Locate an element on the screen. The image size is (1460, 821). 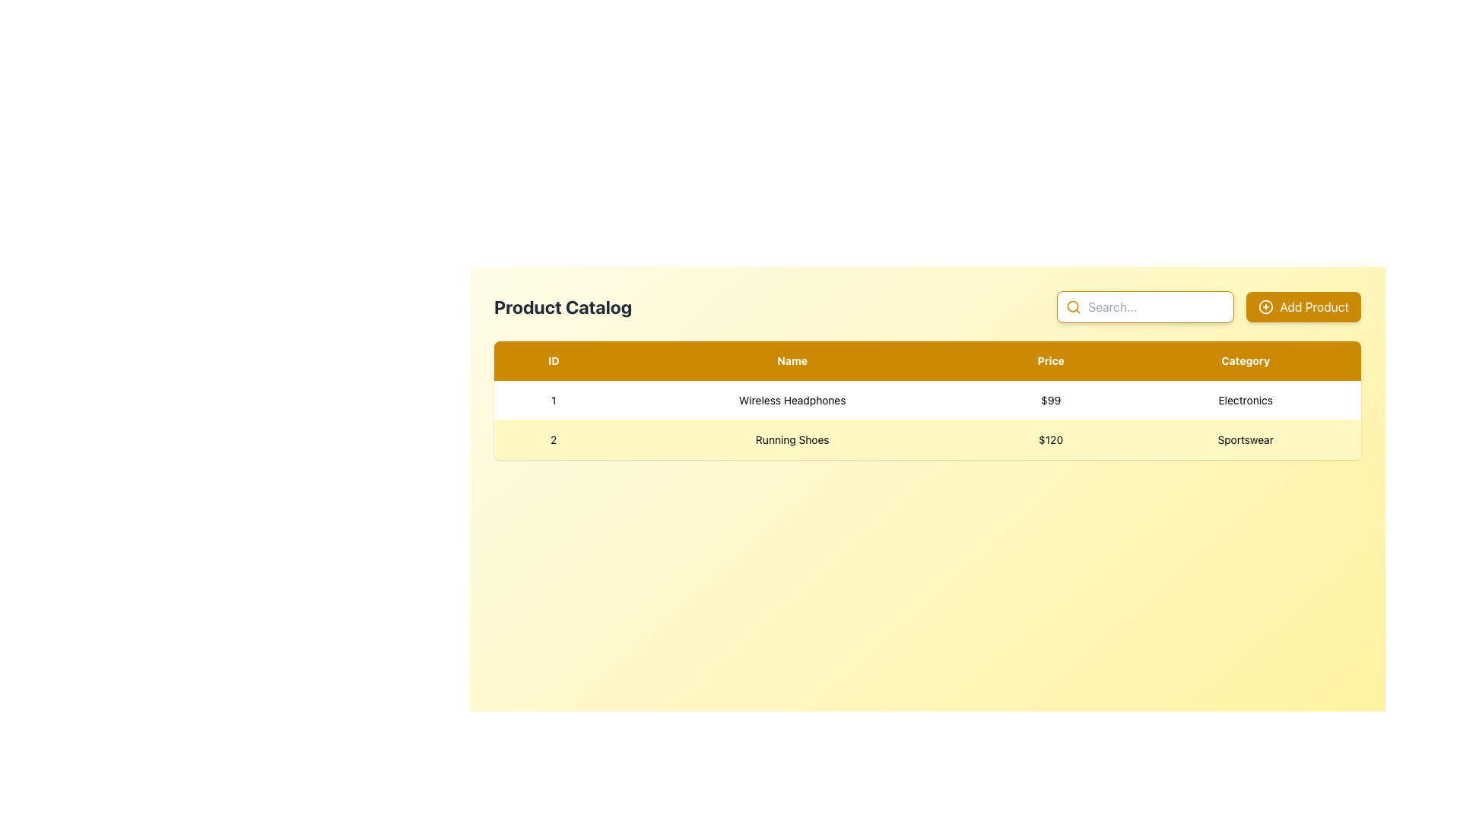
text content of the table cell in the first row under the 'ID' column containing the text '1' is located at coordinates (553, 400).